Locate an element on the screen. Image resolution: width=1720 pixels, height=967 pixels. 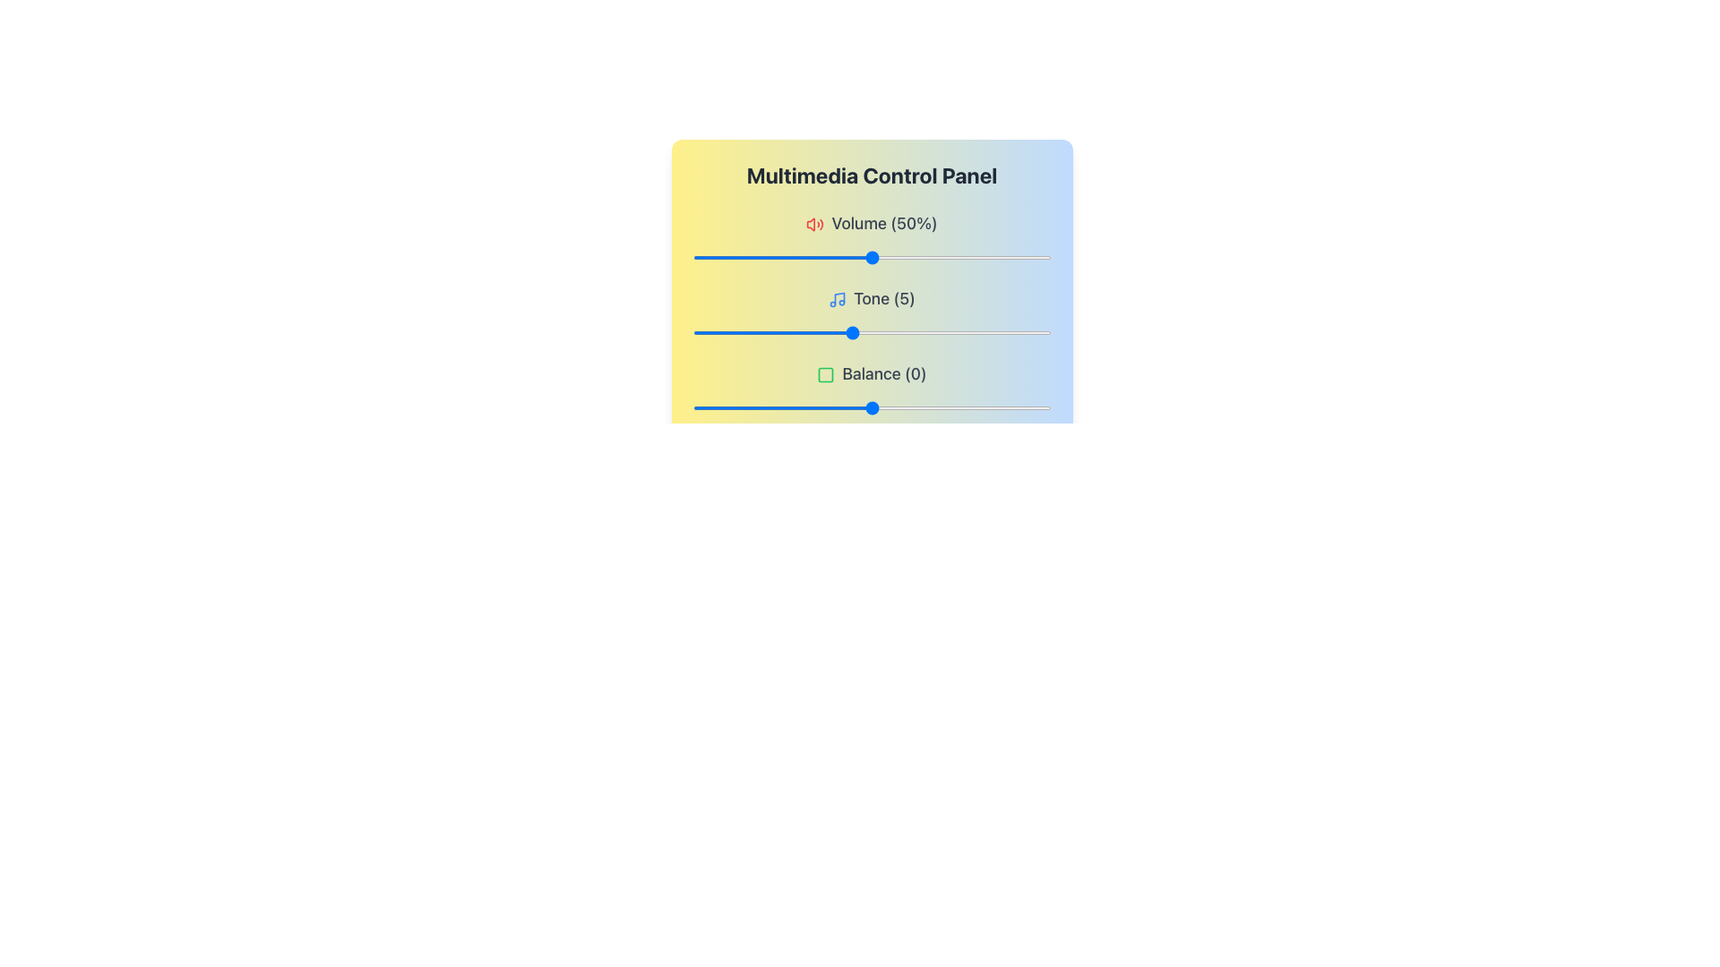
the Range Slider located at the bottom of the 'Balance (0)' section, which features a light gray background and a blue handle is located at coordinates (872, 407).